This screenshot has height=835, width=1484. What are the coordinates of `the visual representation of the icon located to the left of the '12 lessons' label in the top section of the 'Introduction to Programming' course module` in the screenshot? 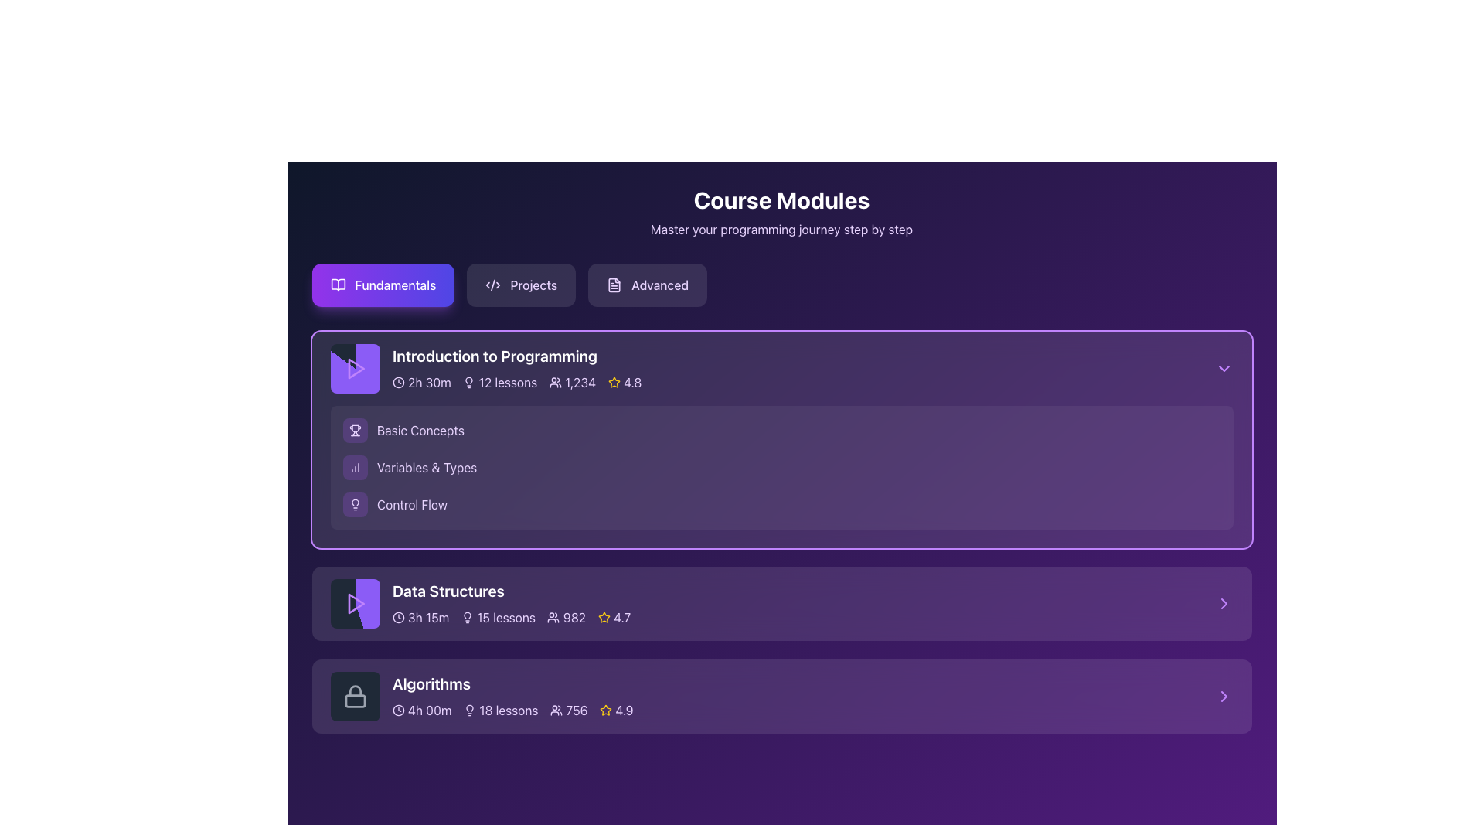 It's located at (468, 382).